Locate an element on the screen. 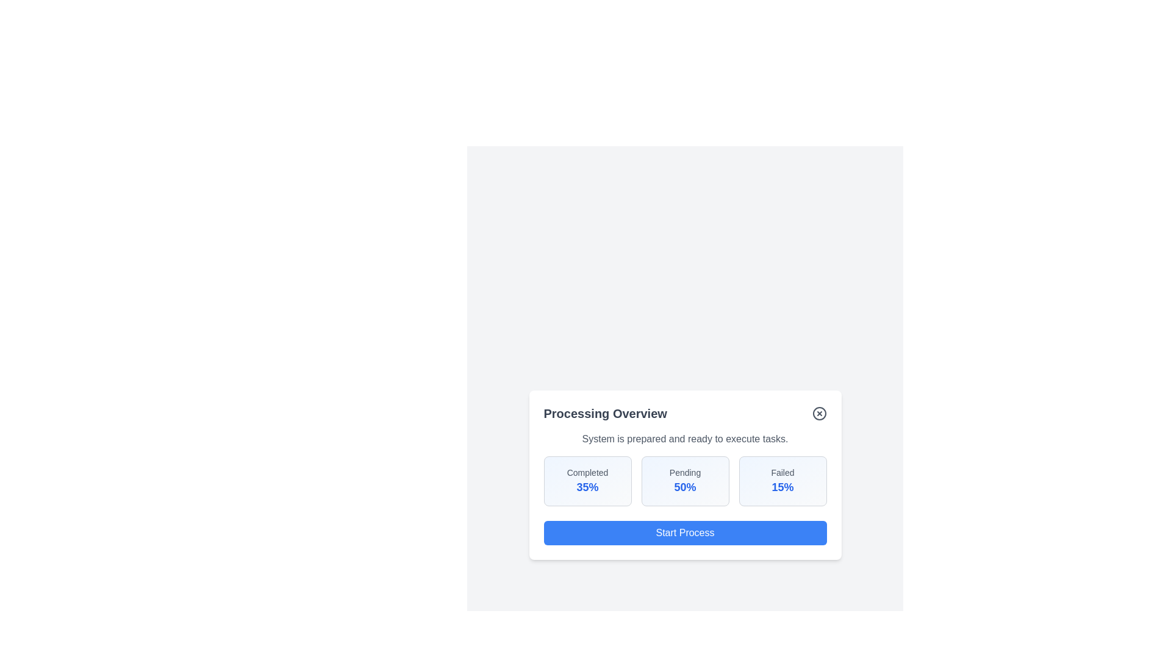 The width and height of the screenshot is (1171, 658). the statistic box labeled Pending to focus or highlight it is located at coordinates (685, 481).